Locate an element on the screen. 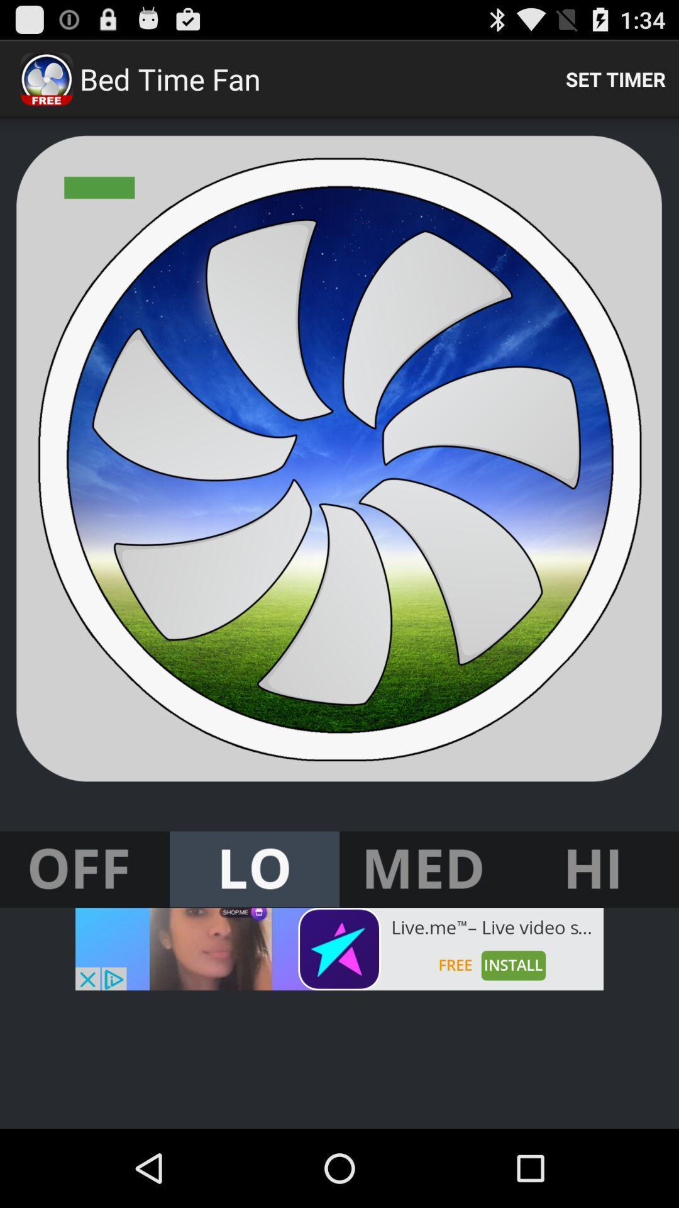 The image size is (679, 1208). click on advertisement is located at coordinates (339, 949).